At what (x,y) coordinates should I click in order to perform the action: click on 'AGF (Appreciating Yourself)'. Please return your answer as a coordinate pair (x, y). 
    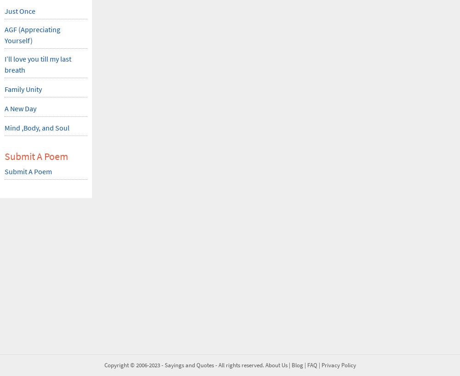
    Looking at the image, I should click on (5, 34).